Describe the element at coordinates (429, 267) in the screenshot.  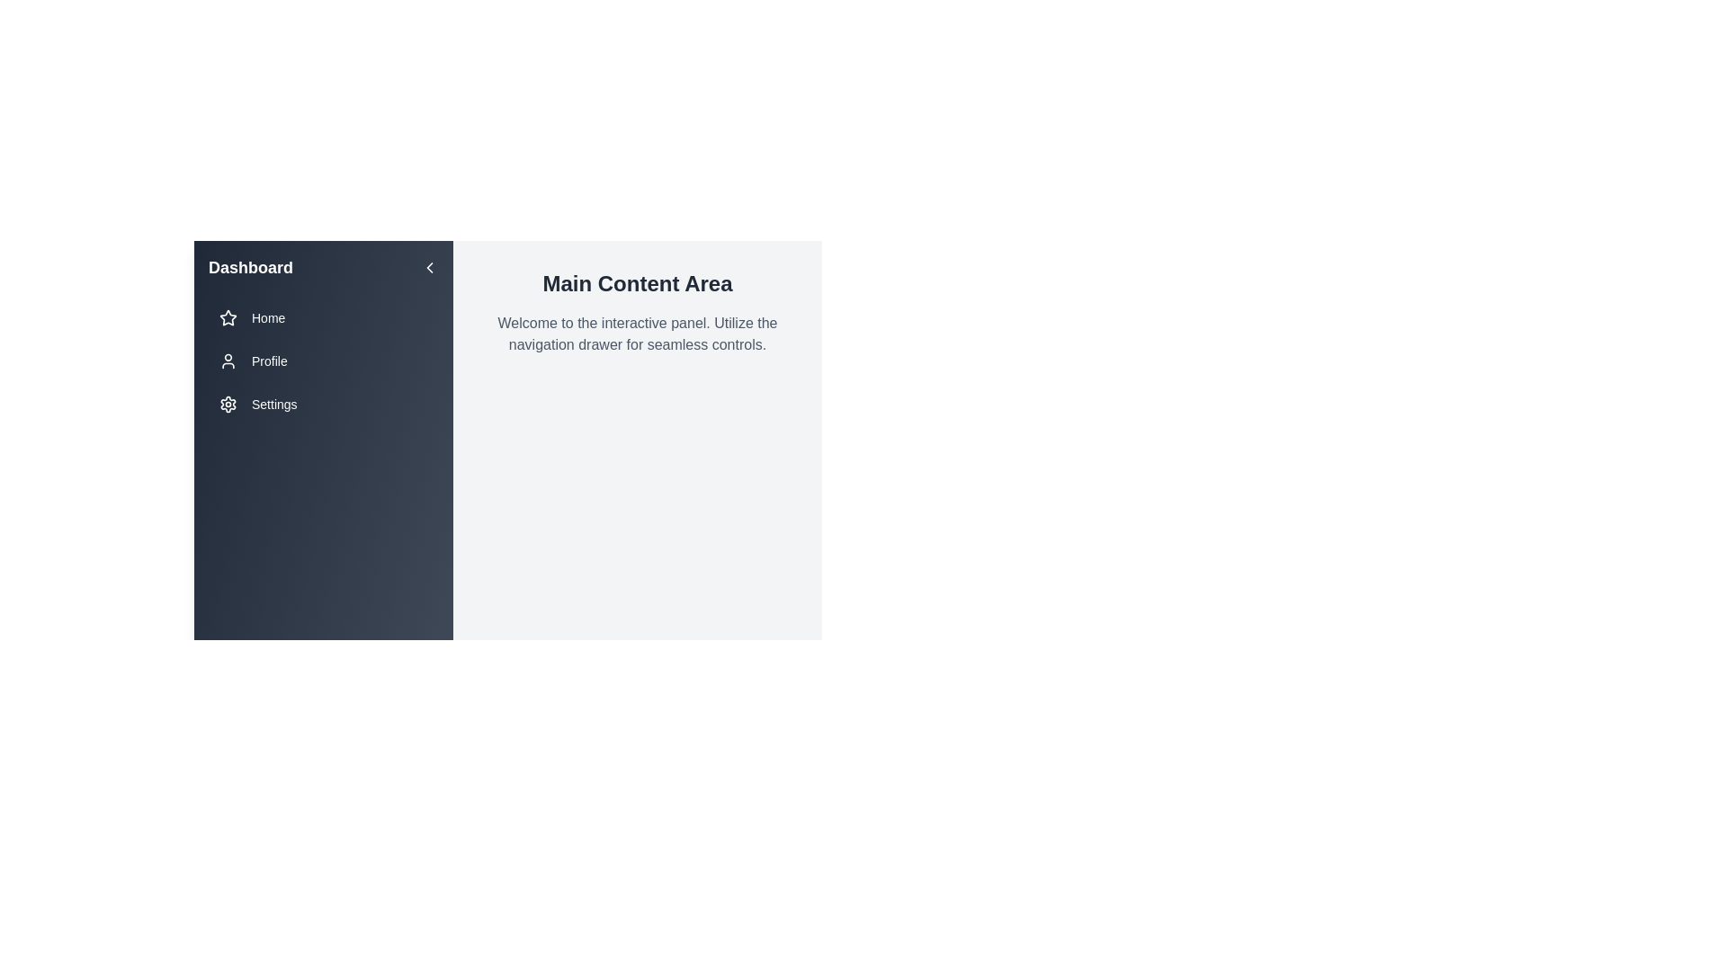
I see `the button with a left-facing chevron icon, styled as a white arrow against a dark background, located in the top-right corner of the sidebar` at that location.